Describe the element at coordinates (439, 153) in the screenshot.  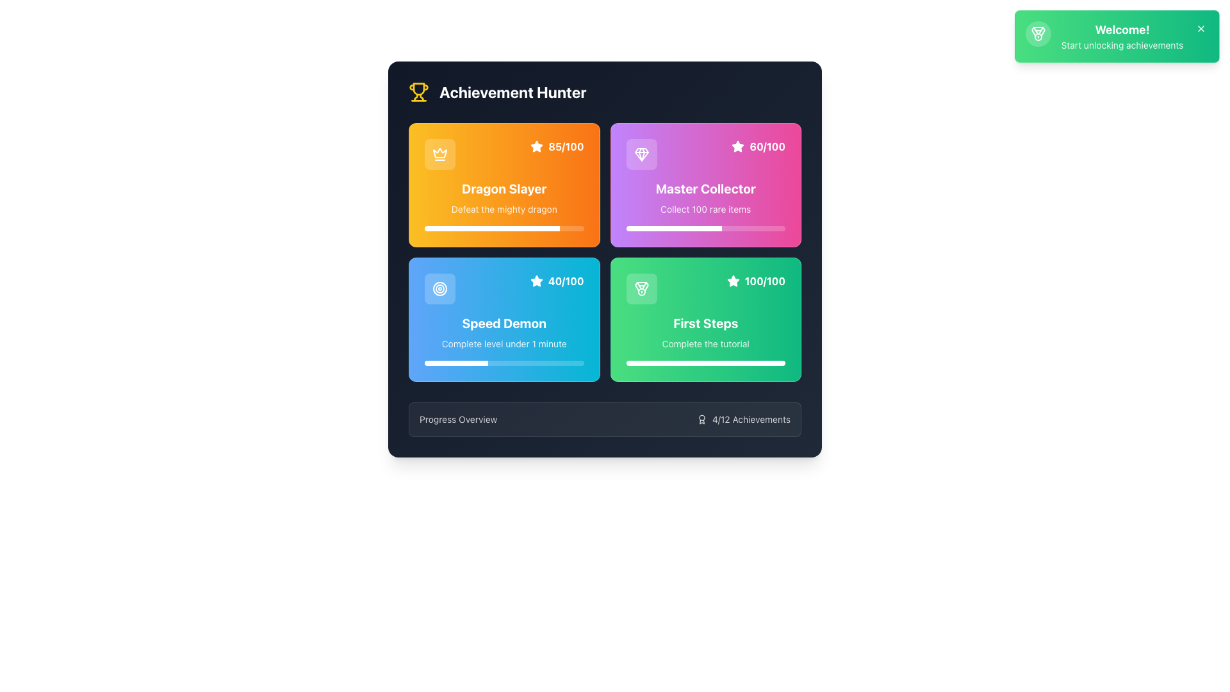
I see `the crown icon that symbolizes the 'Dragon Slayer' achievement, located at the top left corner of the achievement card` at that location.